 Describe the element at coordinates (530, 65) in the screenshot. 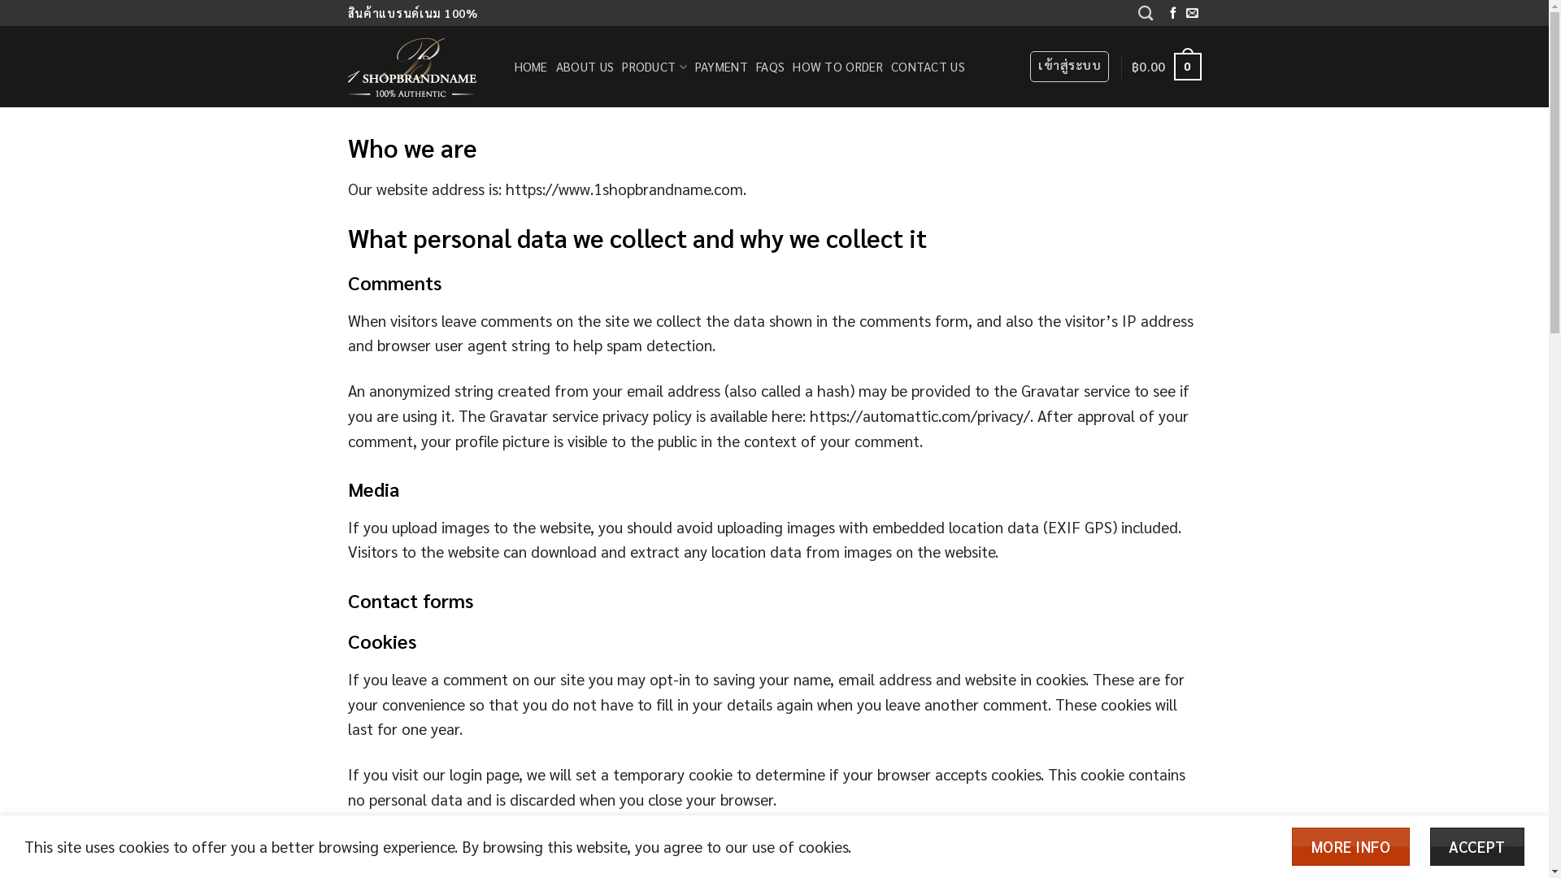

I see `'HOME'` at that location.